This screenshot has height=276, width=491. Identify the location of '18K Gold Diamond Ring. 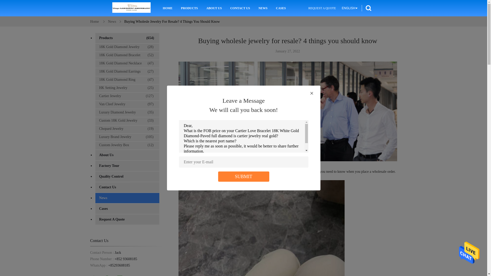
(127, 80).